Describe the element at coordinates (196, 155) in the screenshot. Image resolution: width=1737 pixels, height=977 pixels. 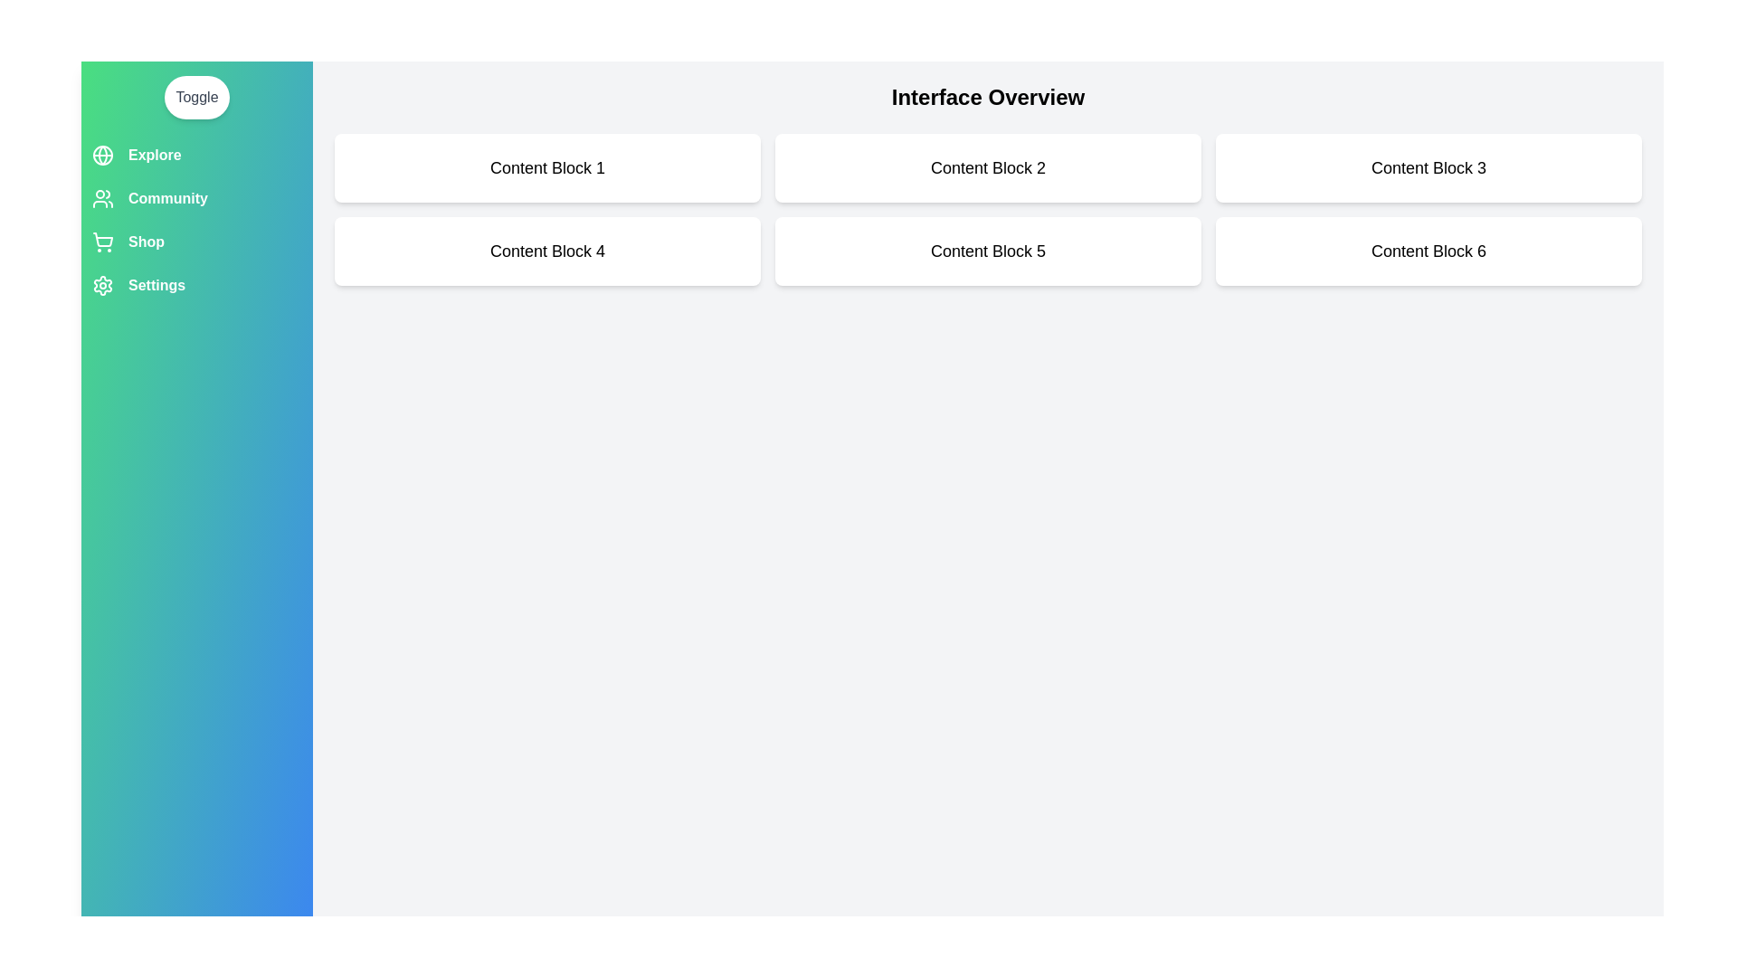
I see `the menu option labeled Explore in the drawer` at that location.